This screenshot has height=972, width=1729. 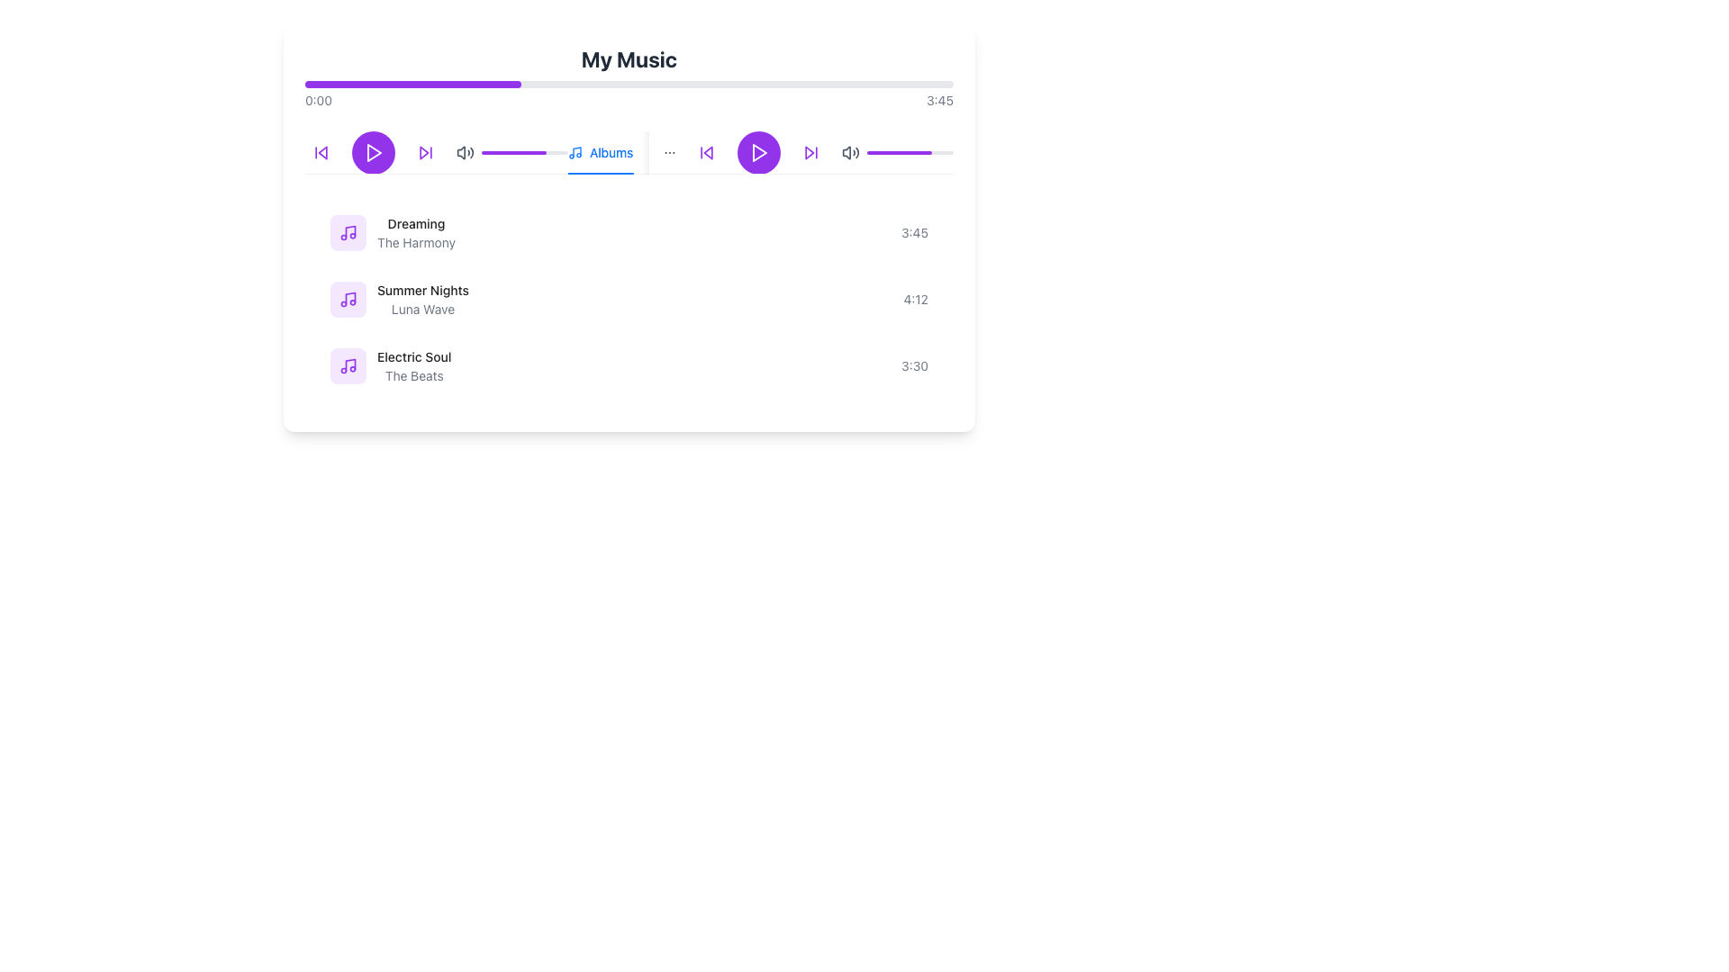 What do you see at coordinates (629, 298) in the screenshot?
I see `the list item containing the title 'Summer Nights', which is the second item in the vertical list, positioned between 'Dreaming - The Harmony' and 'Electric Soul - The Beats'` at bounding box center [629, 298].